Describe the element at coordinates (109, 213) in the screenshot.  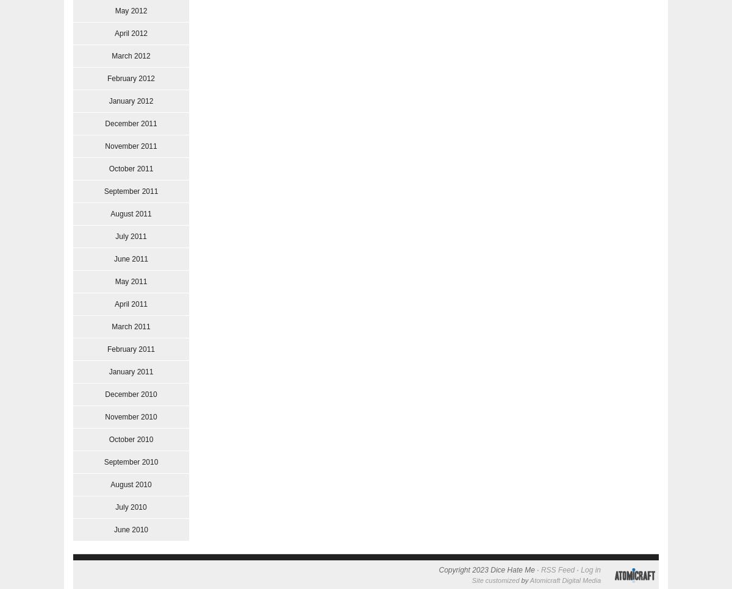
I see `'August 2011'` at that location.